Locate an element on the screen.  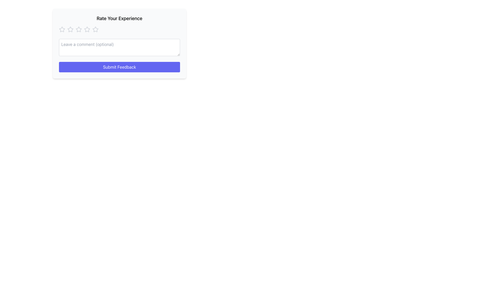
the submit button located centrally at the bottom of the light gray feedback panel is located at coordinates (119, 67).